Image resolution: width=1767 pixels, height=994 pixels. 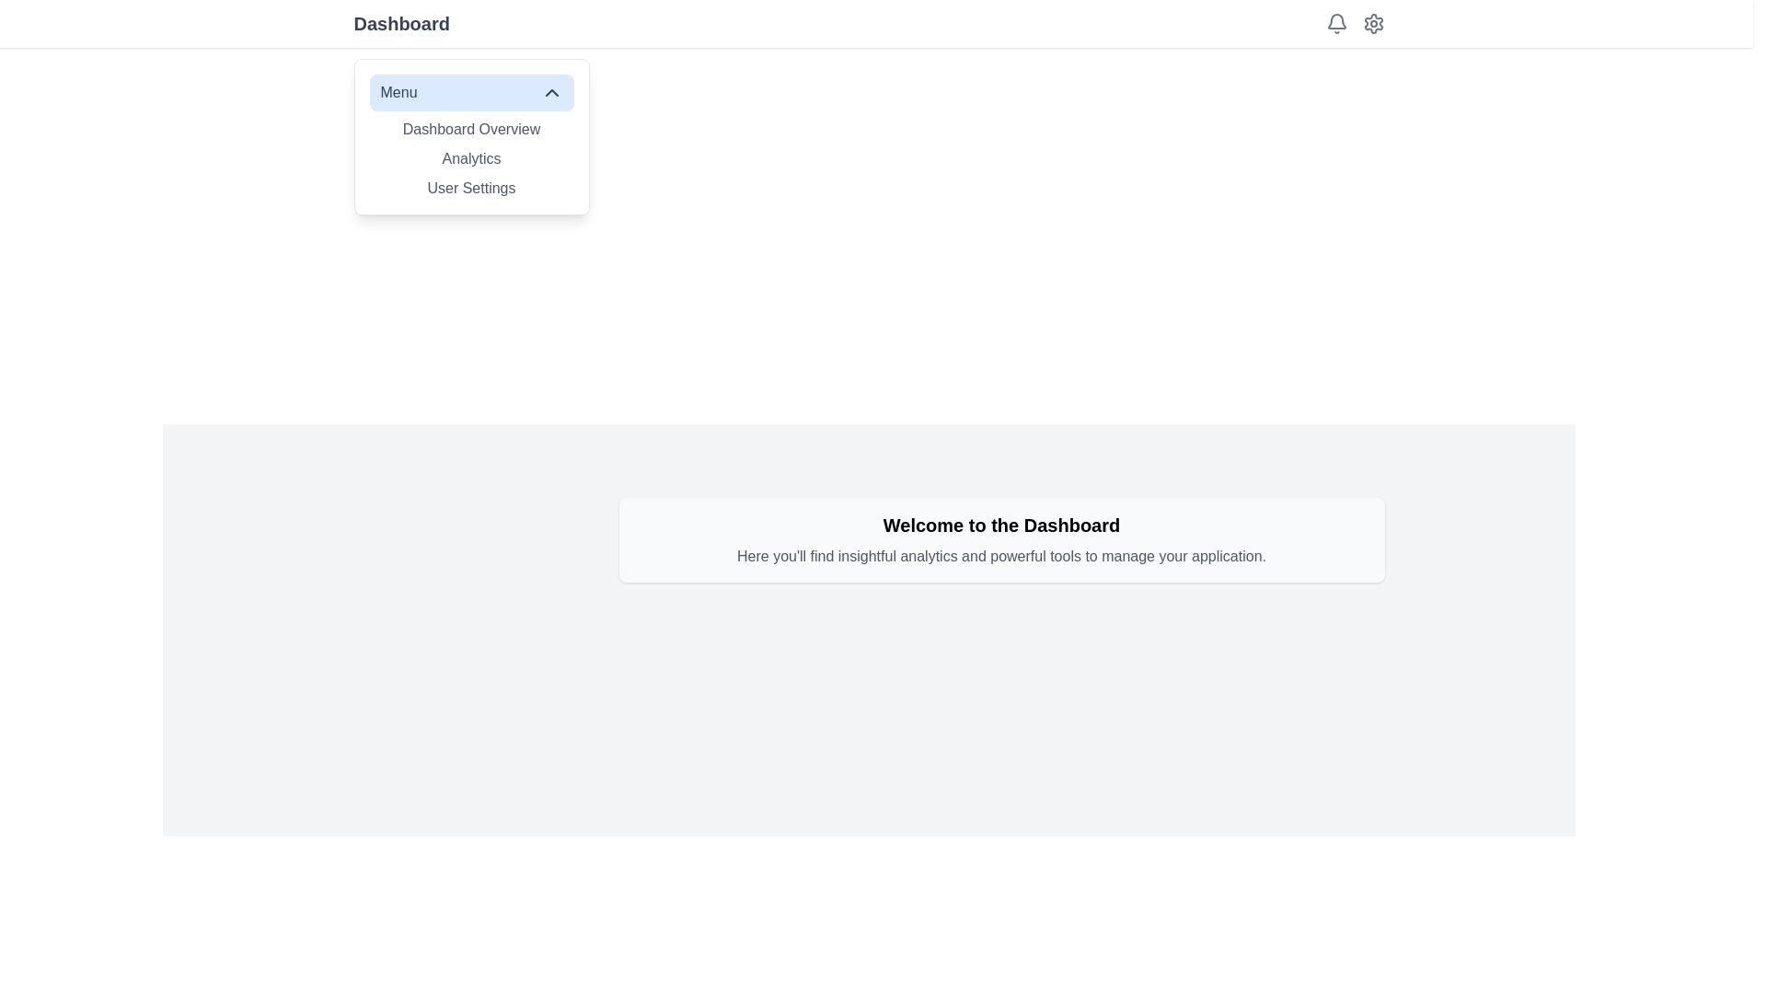 I want to click on the Textual informational display that contains the message 'Welcome to the Dashboard' and additional insights about analytics and tools, so click(x=1000, y=538).